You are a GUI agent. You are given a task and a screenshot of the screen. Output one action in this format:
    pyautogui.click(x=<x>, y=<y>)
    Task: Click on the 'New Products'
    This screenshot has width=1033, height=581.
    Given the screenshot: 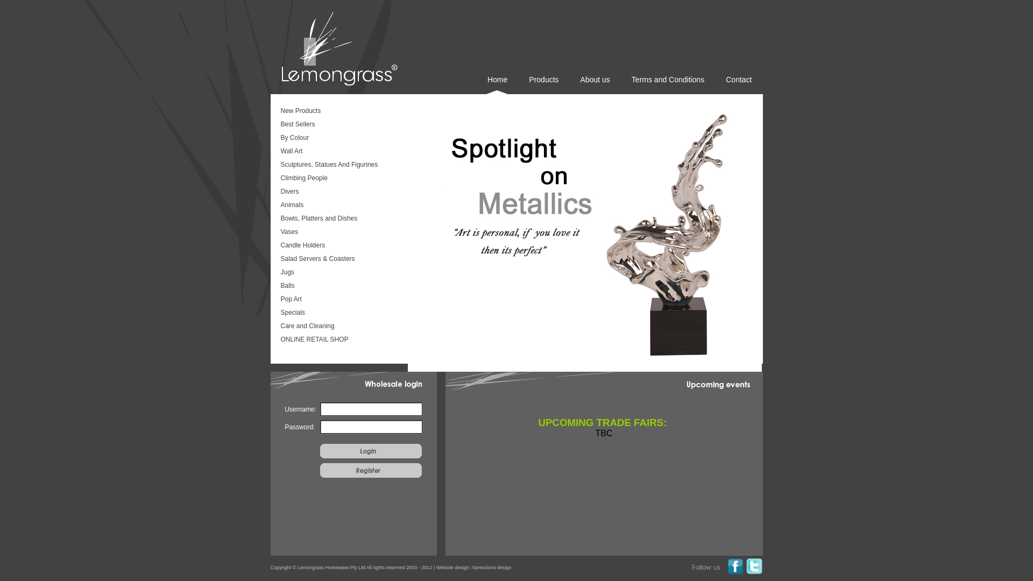 What is the action you would take?
    pyautogui.click(x=279, y=112)
    